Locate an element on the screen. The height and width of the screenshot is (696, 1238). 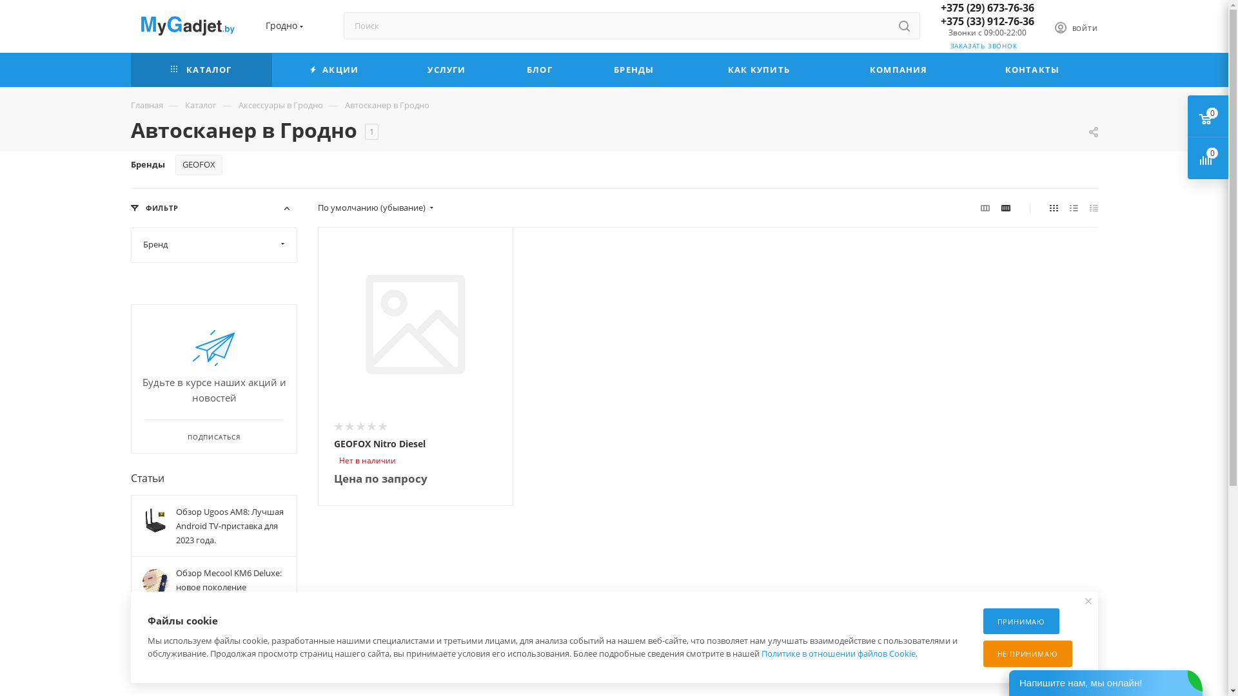
'+375 (29) 673-76-36' is located at coordinates (986, 7).